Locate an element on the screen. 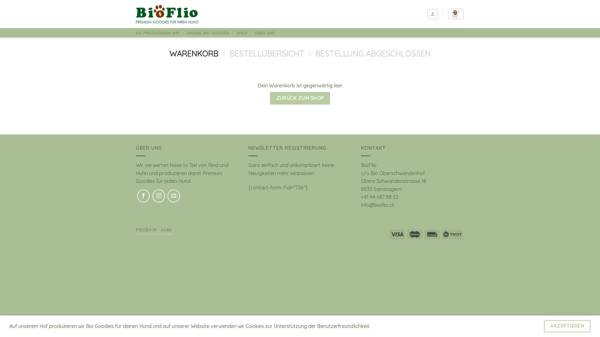 The image size is (600, 337). 'AGBS' is located at coordinates (161, 230).